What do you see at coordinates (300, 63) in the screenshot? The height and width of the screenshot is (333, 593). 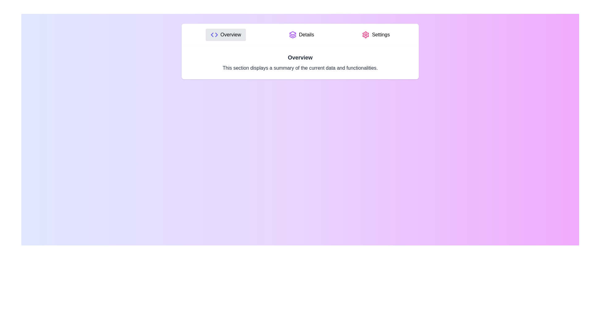 I see `text block containing the bolded title 'Overview' and its description, which is centrally located below the navigation bar in the main content area of the white card section` at bounding box center [300, 63].